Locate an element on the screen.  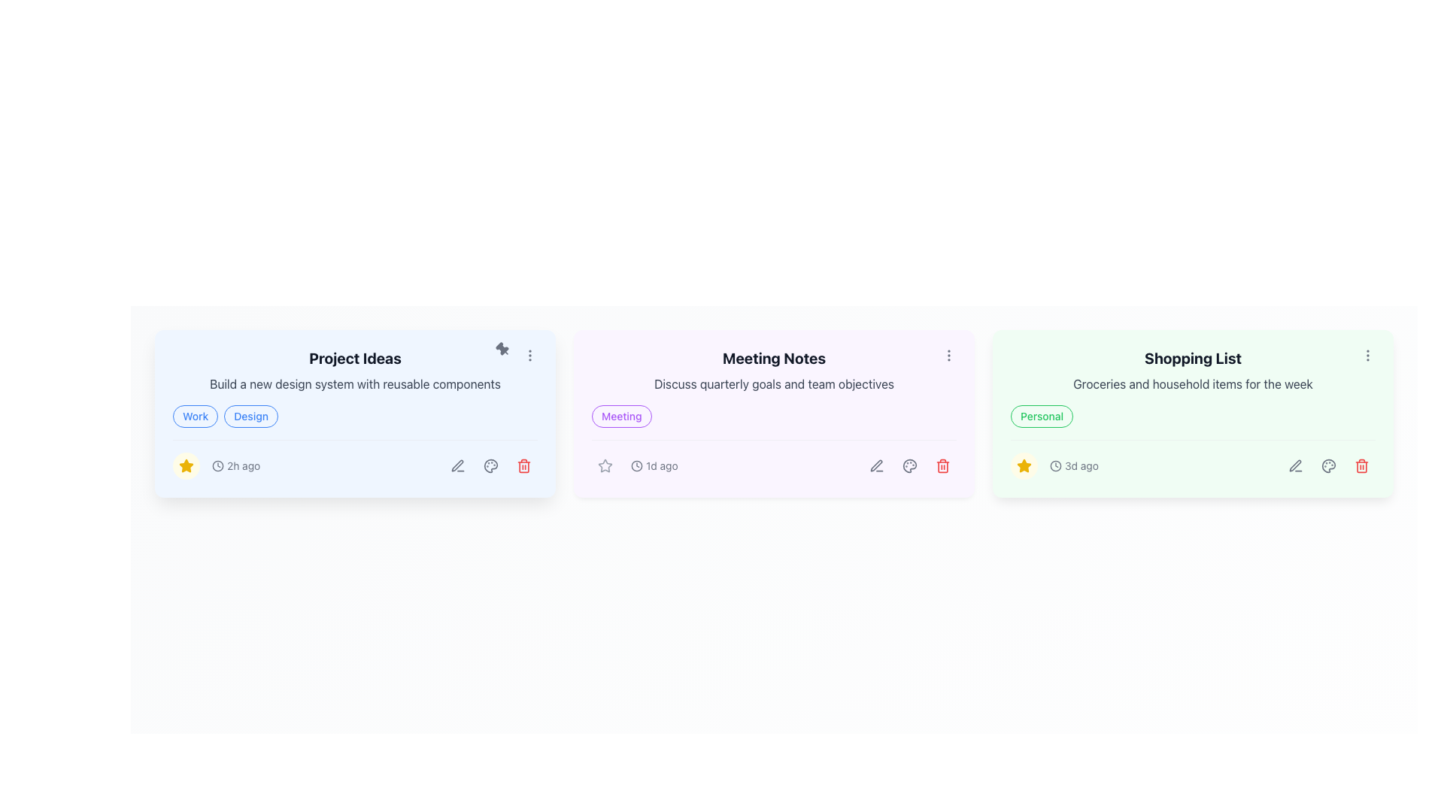
the Circular SVG element located in the lower-left area of the 'Project Ideas' card, styled with a simple stroke and no fill, within the clock icon is located at coordinates (217, 465).